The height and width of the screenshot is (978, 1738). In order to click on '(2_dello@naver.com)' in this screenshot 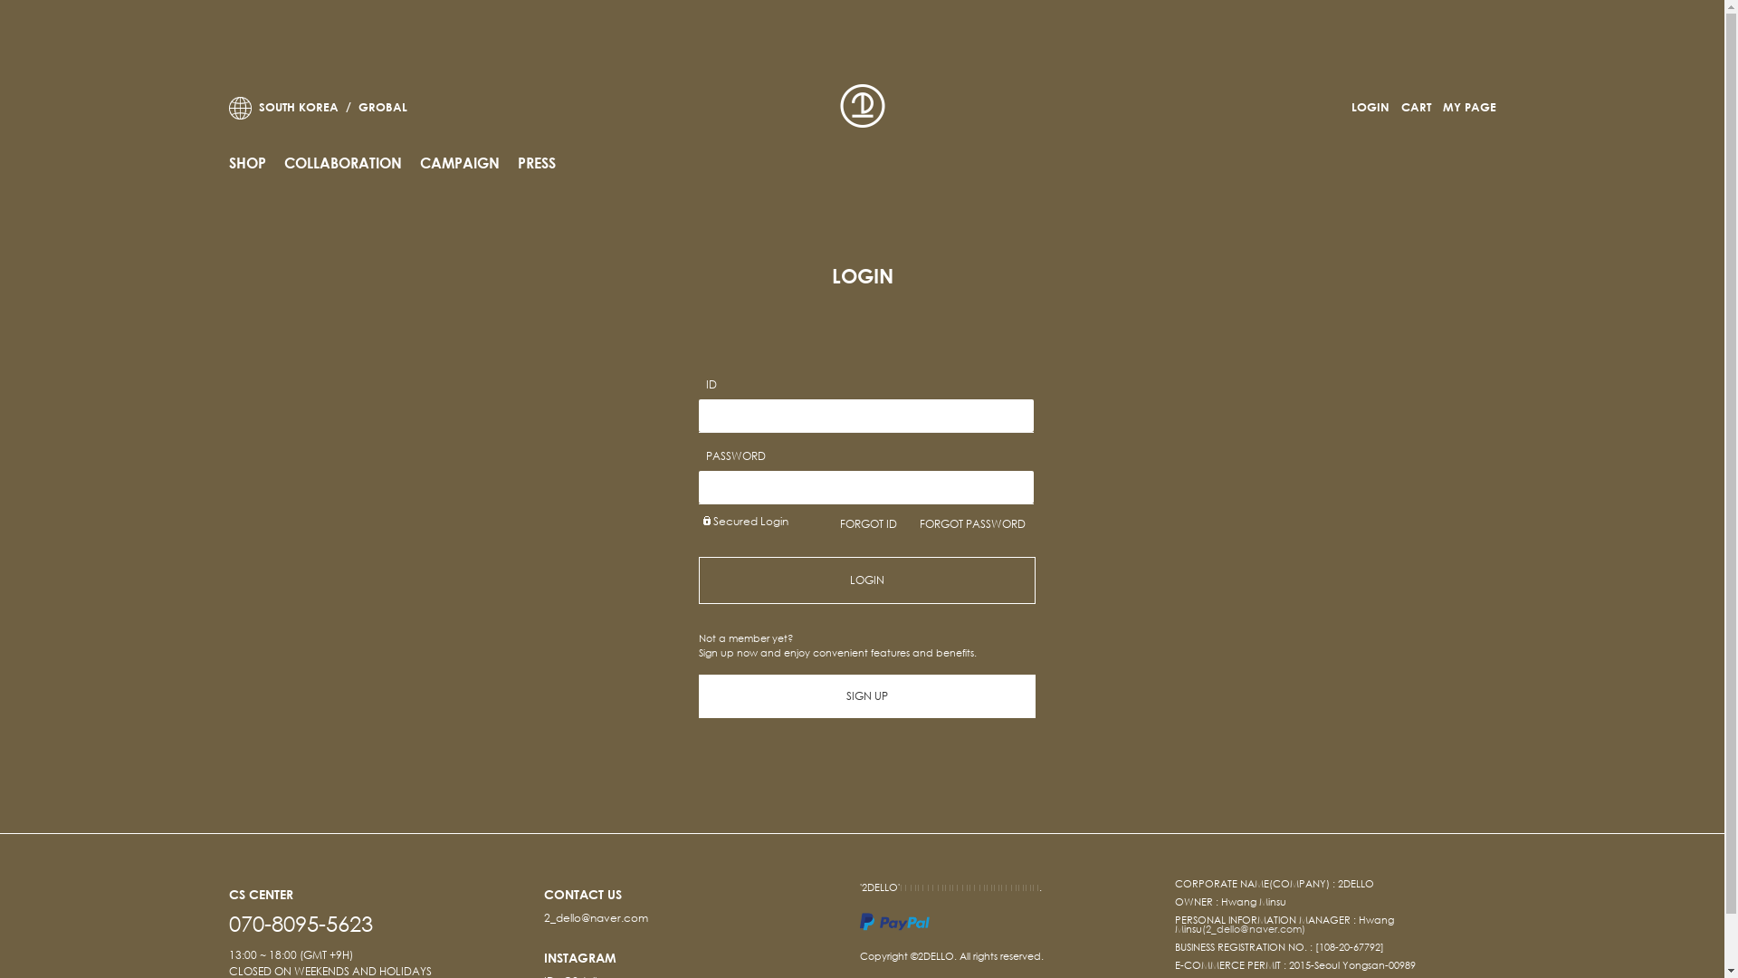, I will do `click(1253, 929)`.